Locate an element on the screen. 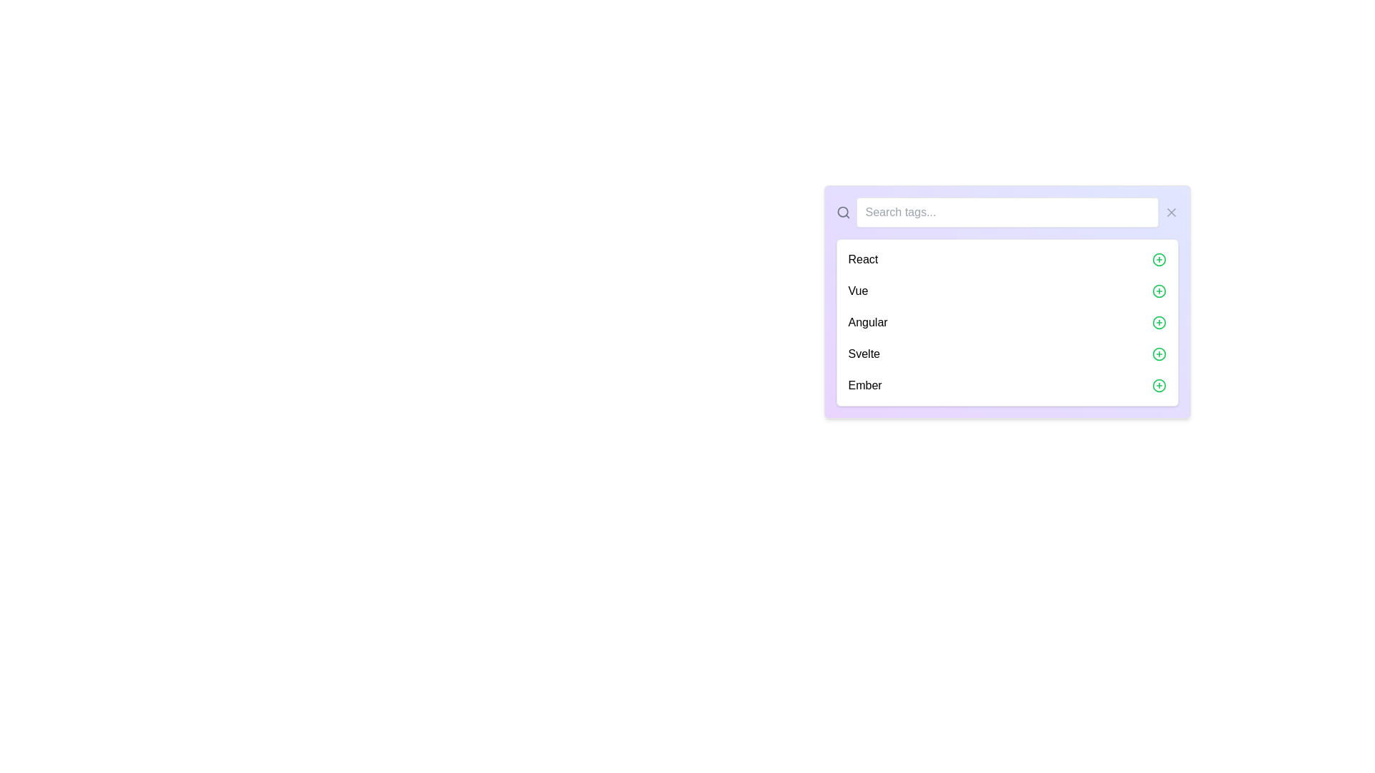 The image size is (1375, 773). the circular shape in the center of the green SVG plus icon, which is part of the row for the 'Vue' item in the list is located at coordinates (1159, 291).